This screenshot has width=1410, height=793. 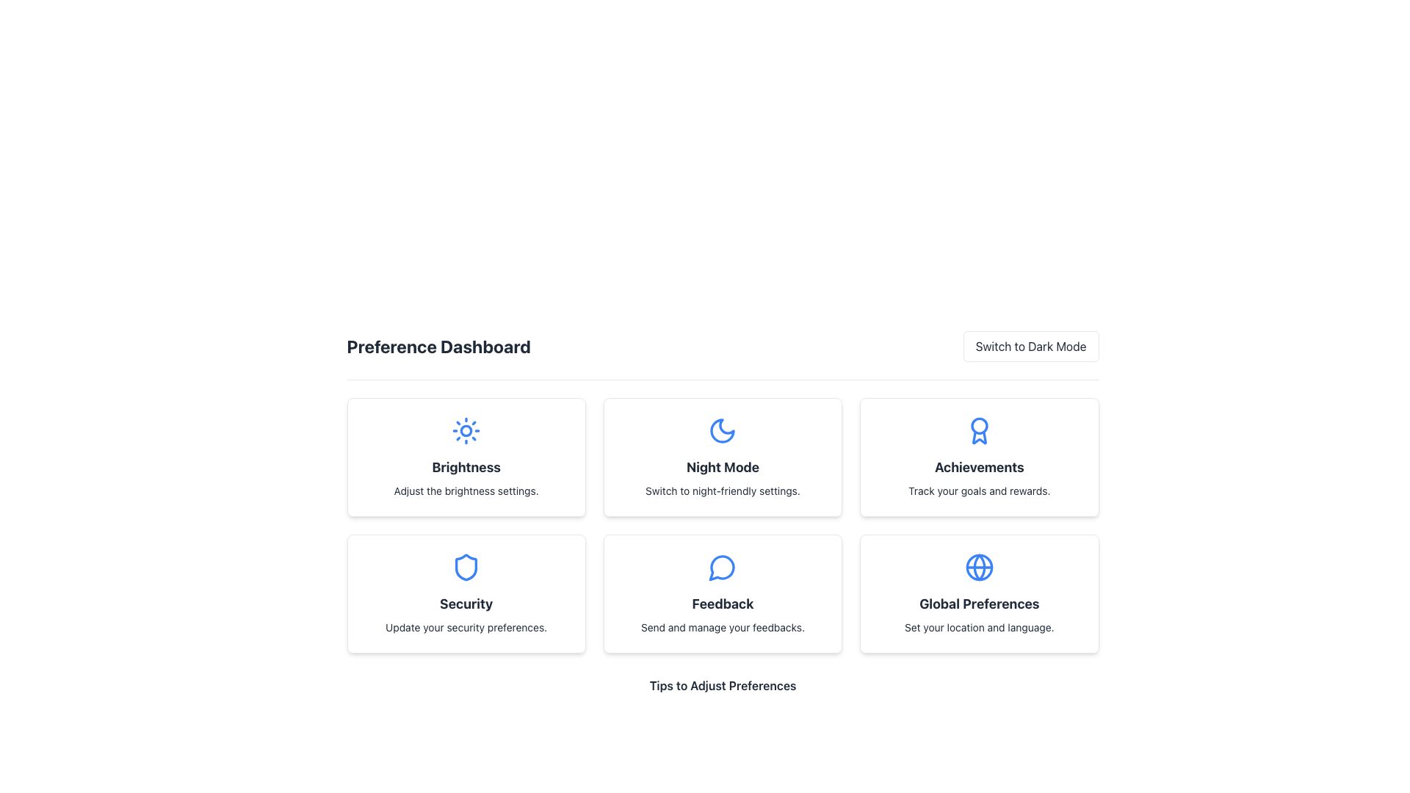 I want to click on information from the non-interactive Informational Card about security settings located in the second row, first column of the grid layout in the 'Preference Dashboard' section, so click(x=466, y=593).